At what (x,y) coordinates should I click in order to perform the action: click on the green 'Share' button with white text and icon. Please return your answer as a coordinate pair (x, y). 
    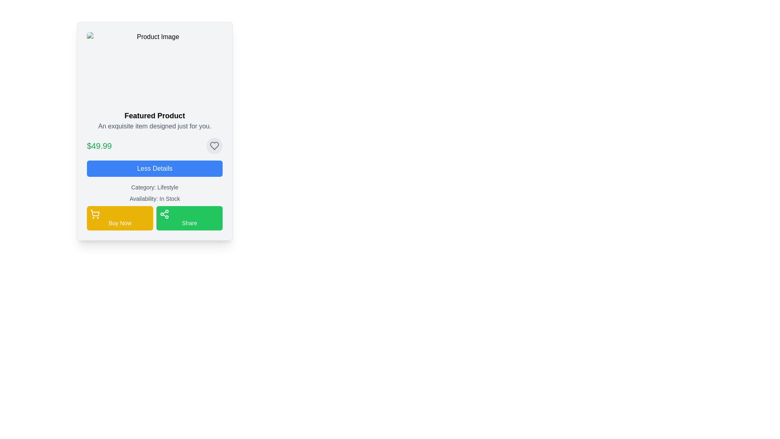
    Looking at the image, I should click on (189, 217).